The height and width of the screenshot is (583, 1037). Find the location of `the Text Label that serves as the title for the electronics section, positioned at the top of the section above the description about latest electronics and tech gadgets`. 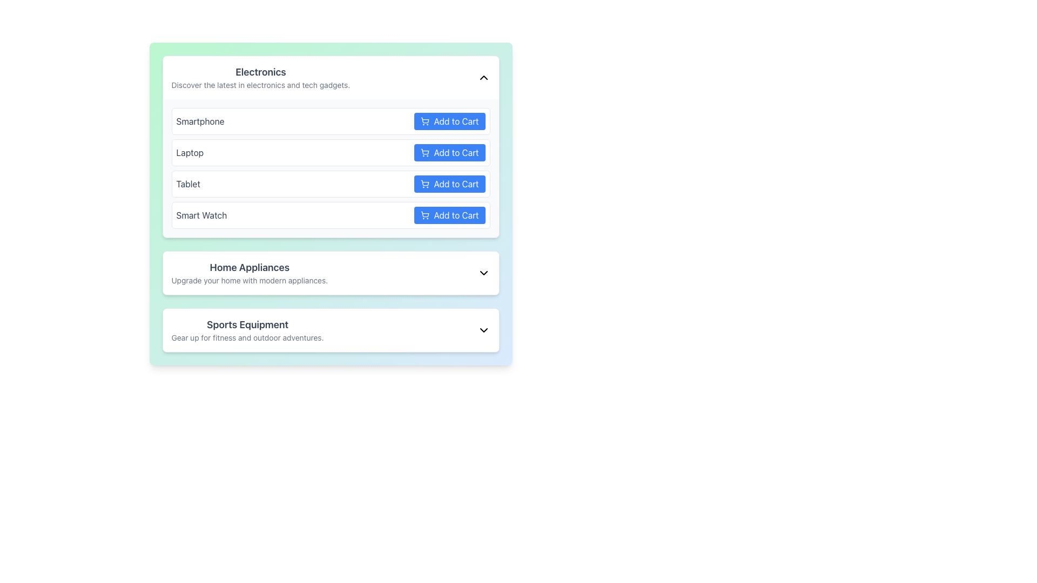

the Text Label that serves as the title for the electronics section, positioned at the top of the section above the description about latest electronics and tech gadgets is located at coordinates (260, 72).